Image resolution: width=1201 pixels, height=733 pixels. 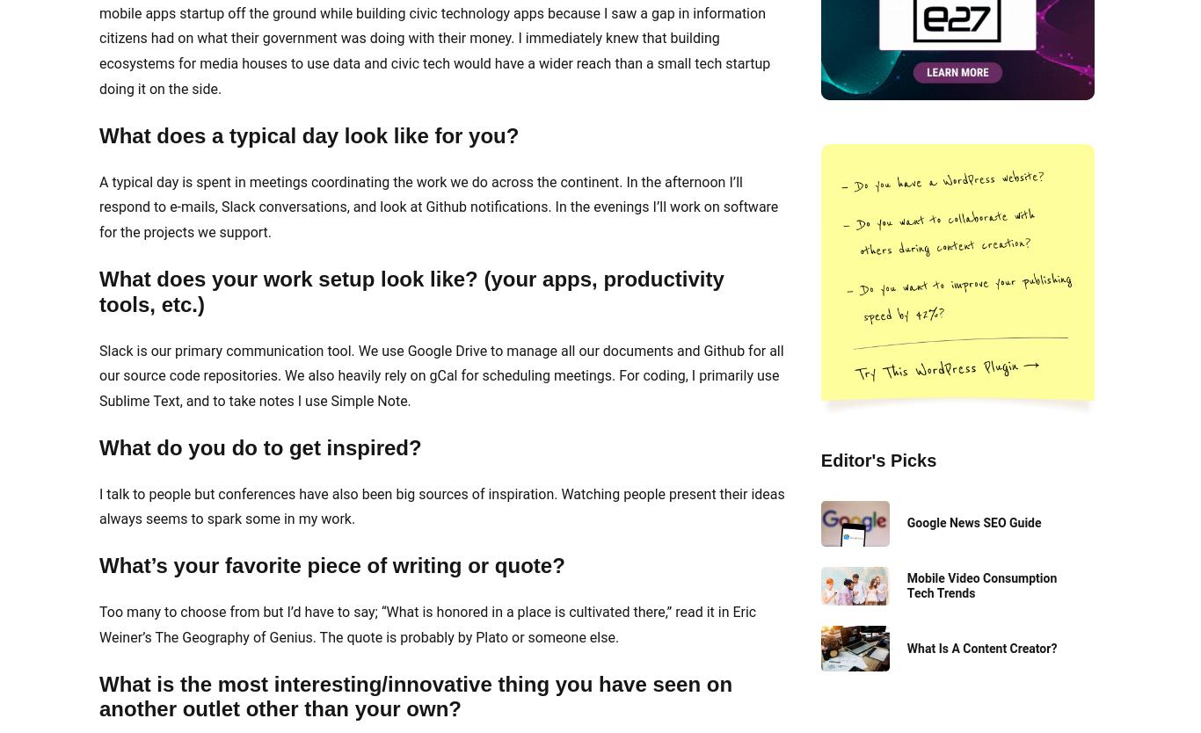 I want to click on 'What does a typical day look like for you?', so click(x=308, y=134).